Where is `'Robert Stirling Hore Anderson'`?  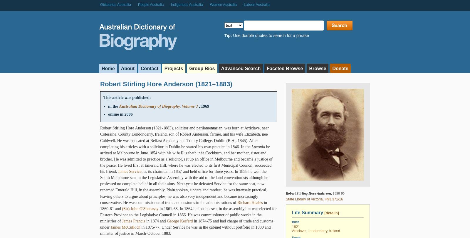 'Robert Stirling Hore Anderson' is located at coordinates (285, 193).